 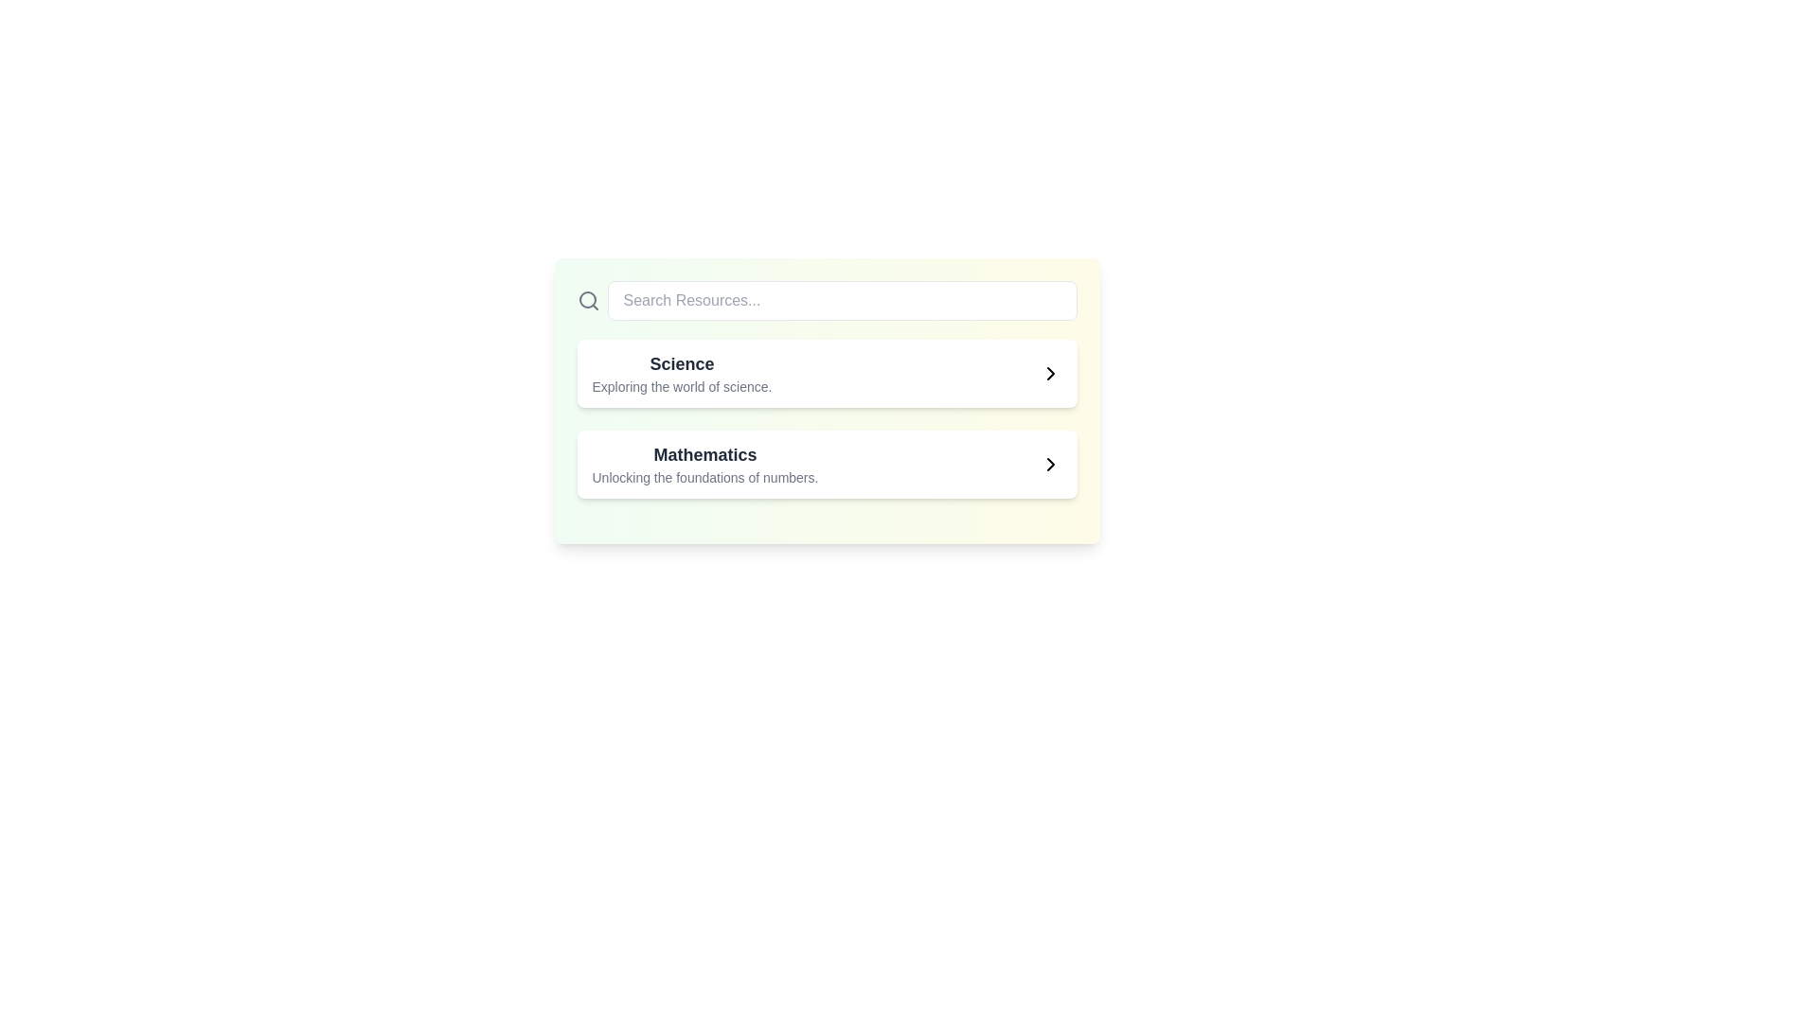 What do you see at coordinates (682, 385) in the screenshot?
I see `the text label reading 'Exploring the world of science.' which is situated directly below the header 'Science'` at bounding box center [682, 385].